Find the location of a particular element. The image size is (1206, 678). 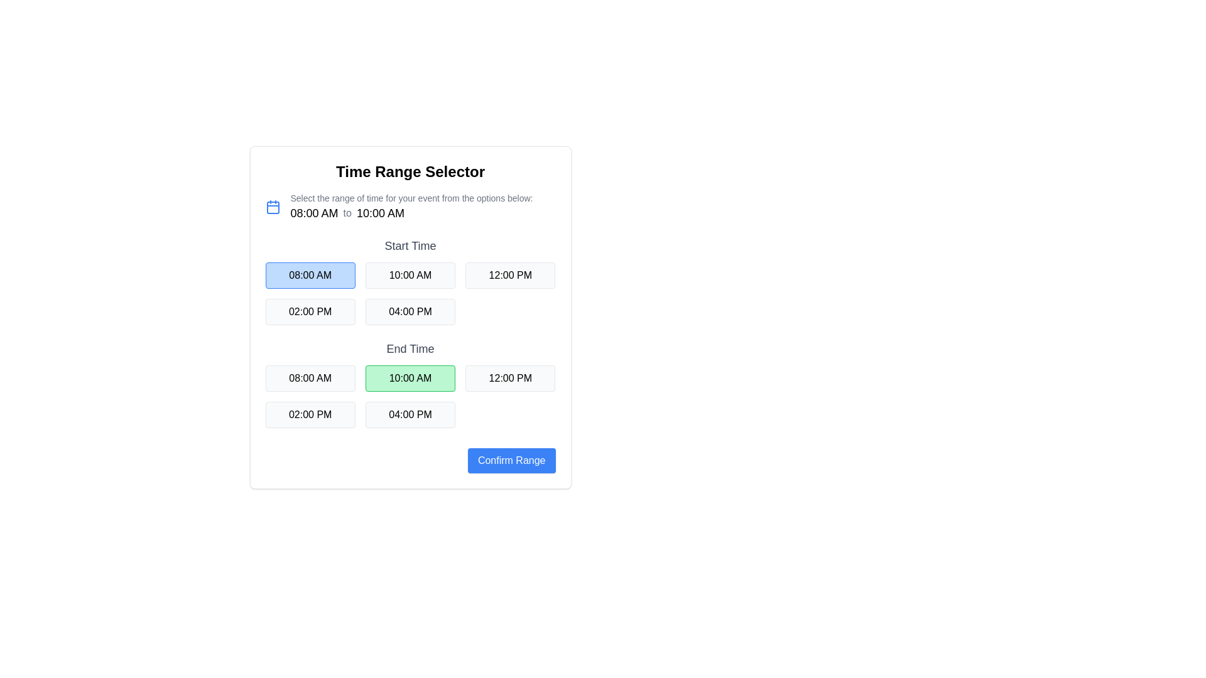

the button labeled '10:00 AM' which is a rectangular button with rounded corners, positioned in the first row and second column of a grid layout, to trigger a hover effect is located at coordinates (410, 275).